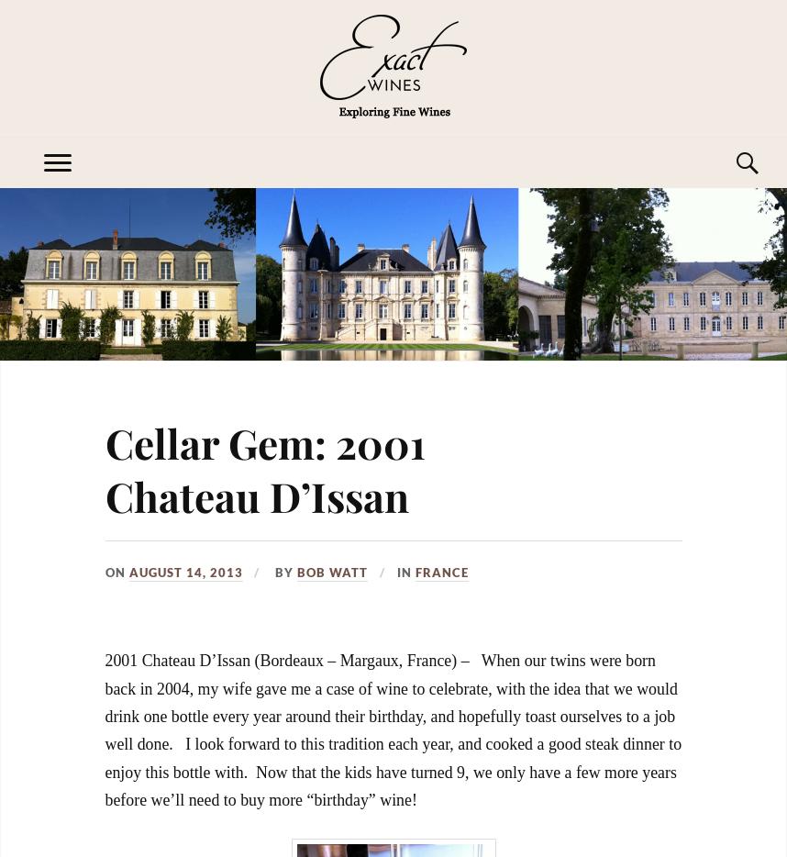  I want to click on 'Exploring Fine Wines', so click(117, 160).